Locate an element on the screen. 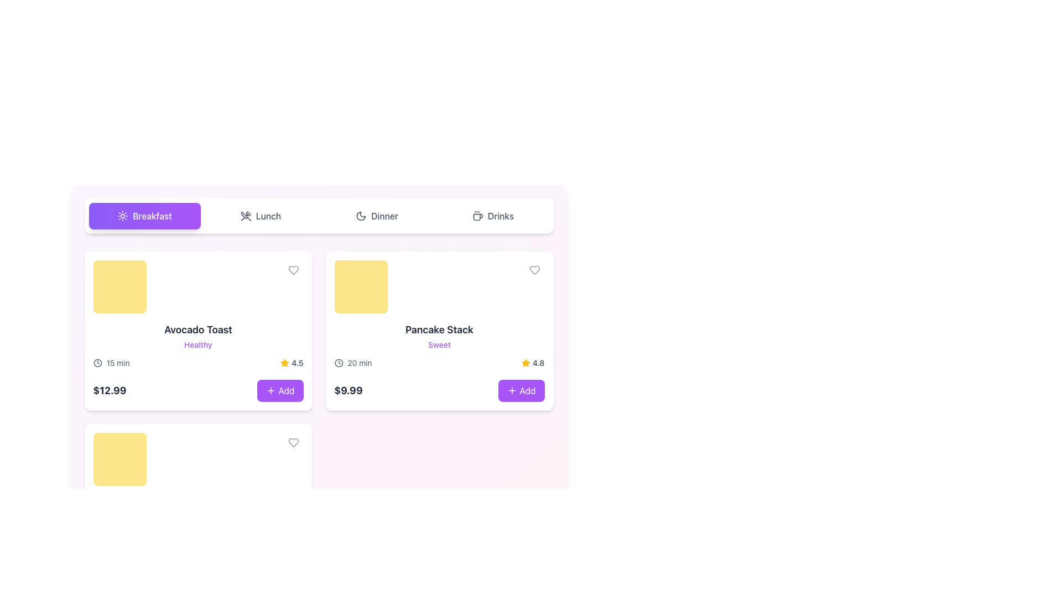 Image resolution: width=1062 pixels, height=597 pixels. the title text element located at the top-left card of the grid layout, positioned above the text 'Healthy' is located at coordinates (198, 329).